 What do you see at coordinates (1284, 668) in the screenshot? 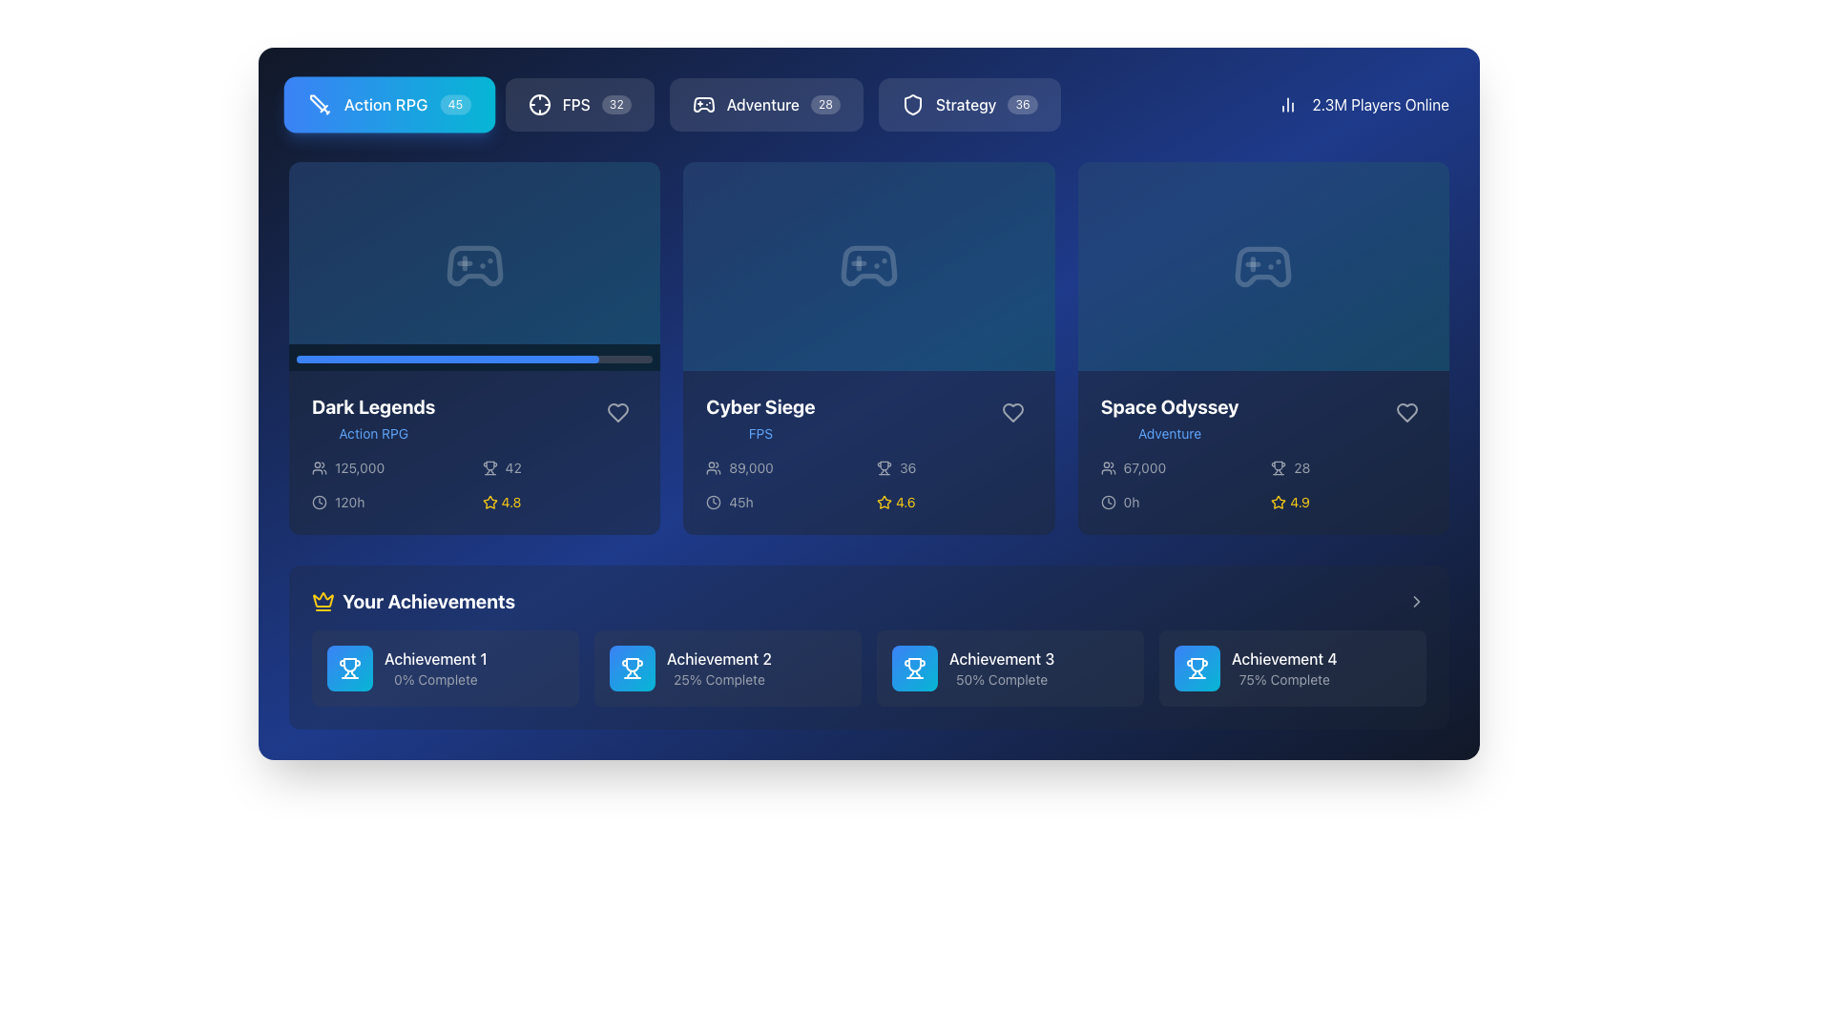
I see `displayed text of the fourth achievement in the 'Your Achievements' section, located at the bottom right of the viewport` at bounding box center [1284, 668].